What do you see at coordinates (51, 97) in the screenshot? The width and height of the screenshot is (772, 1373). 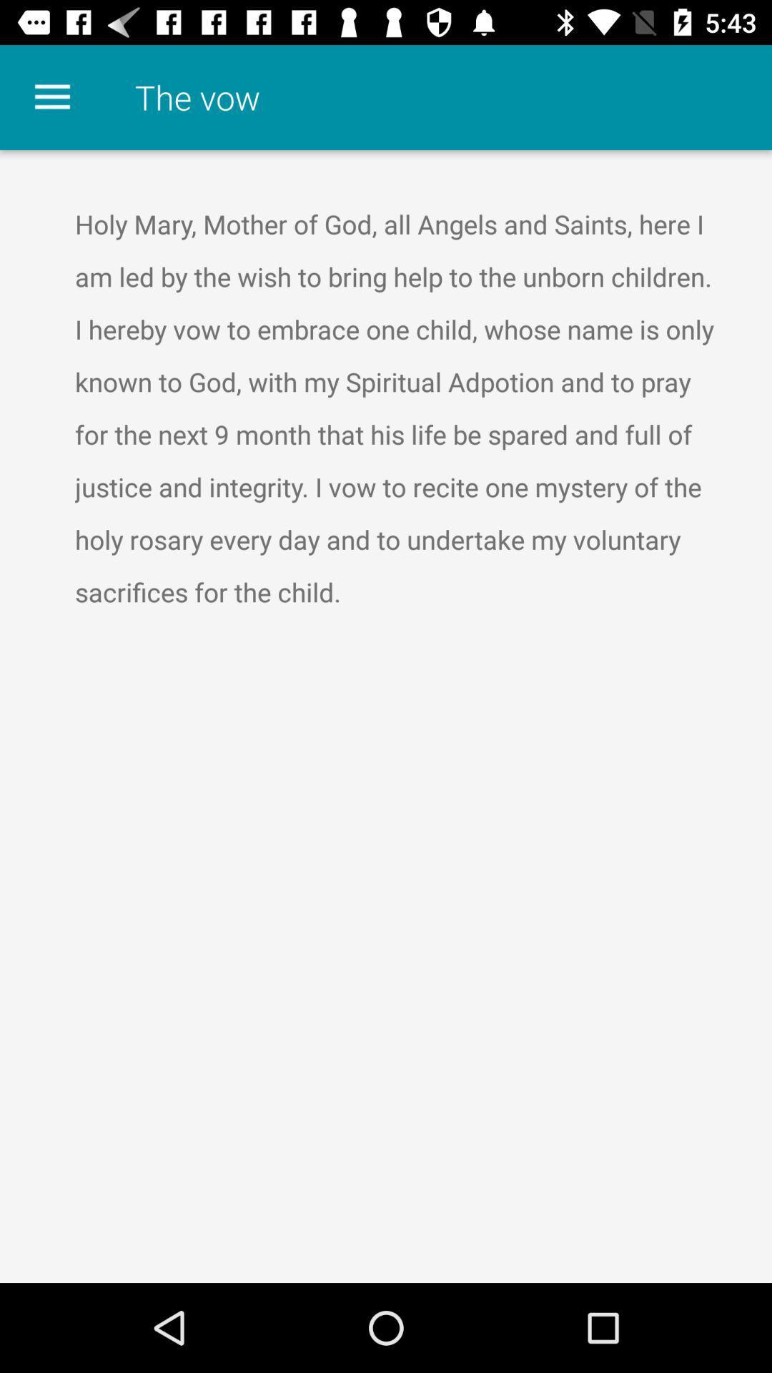 I see `the icon next to the vow item` at bounding box center [51, 97].